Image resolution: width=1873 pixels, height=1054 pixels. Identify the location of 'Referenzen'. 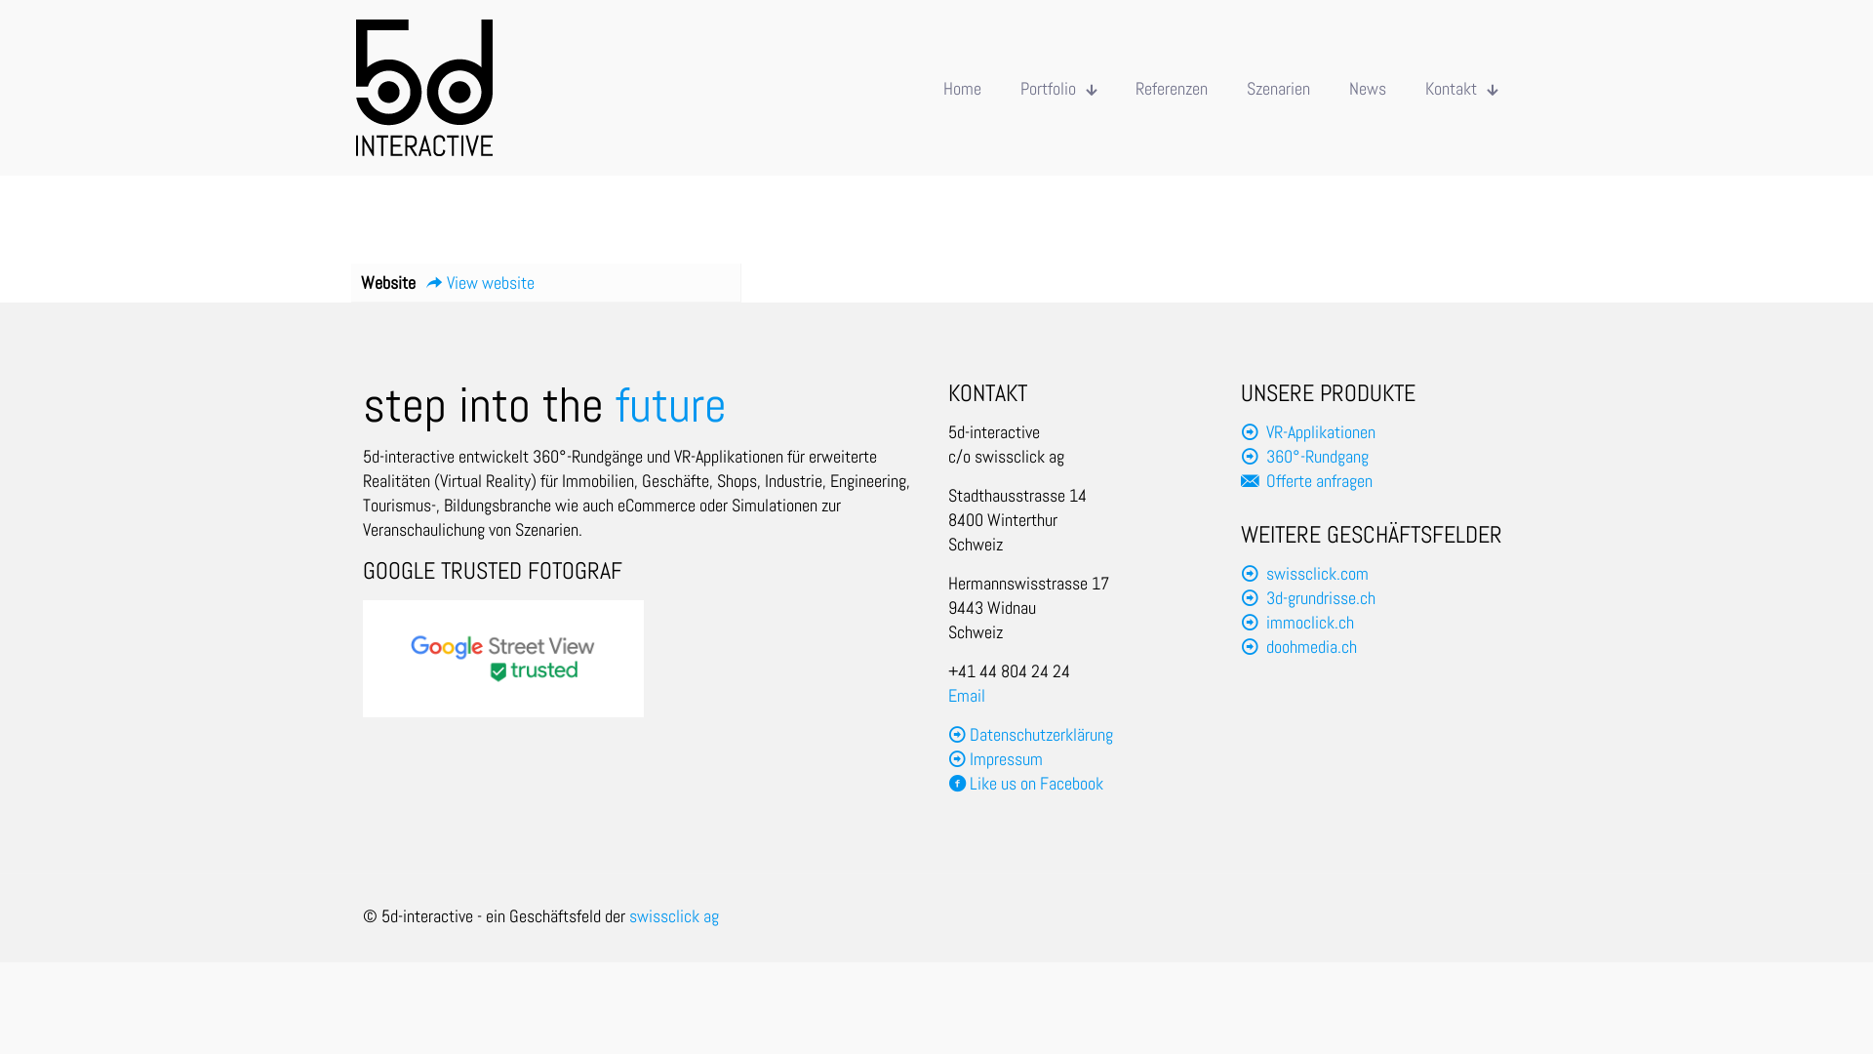
(1171, 86).